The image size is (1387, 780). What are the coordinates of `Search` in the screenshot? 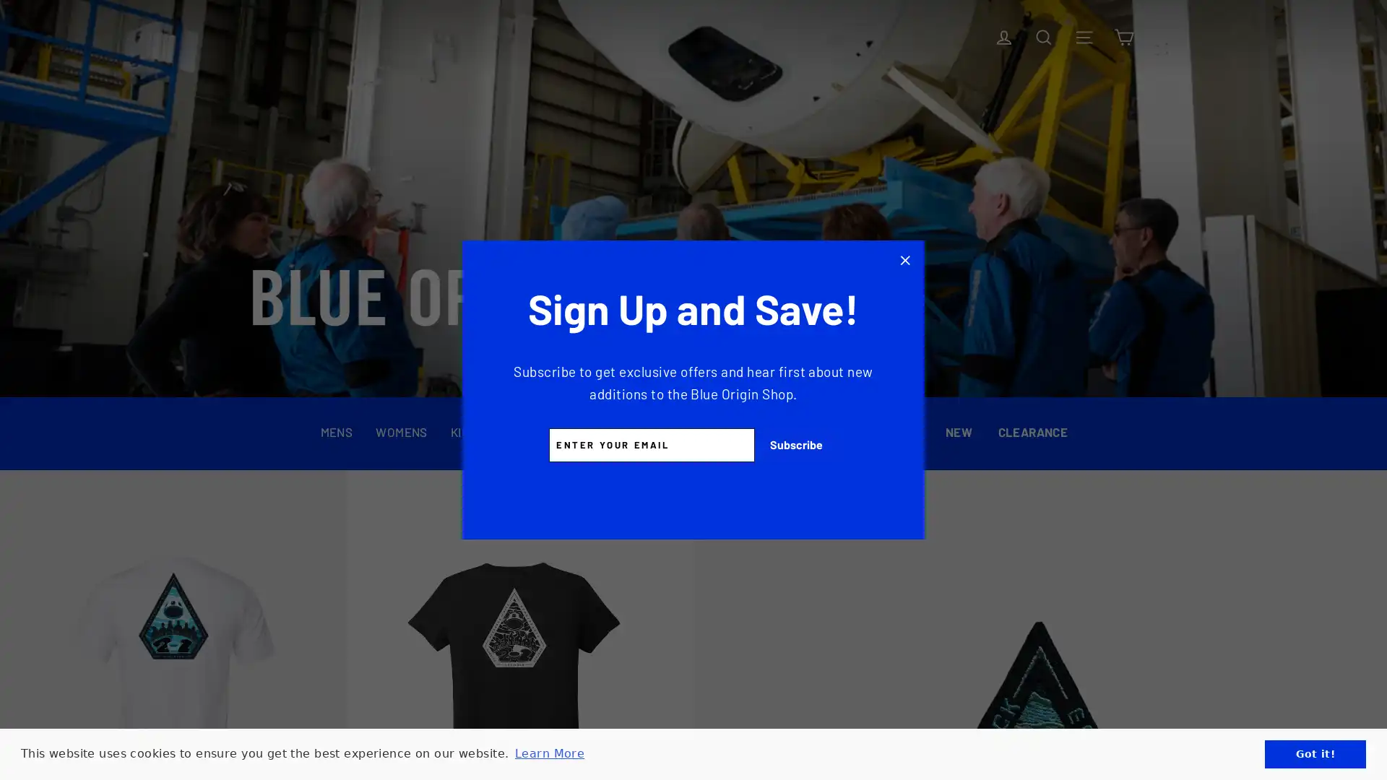 It's located at (1043, 36).